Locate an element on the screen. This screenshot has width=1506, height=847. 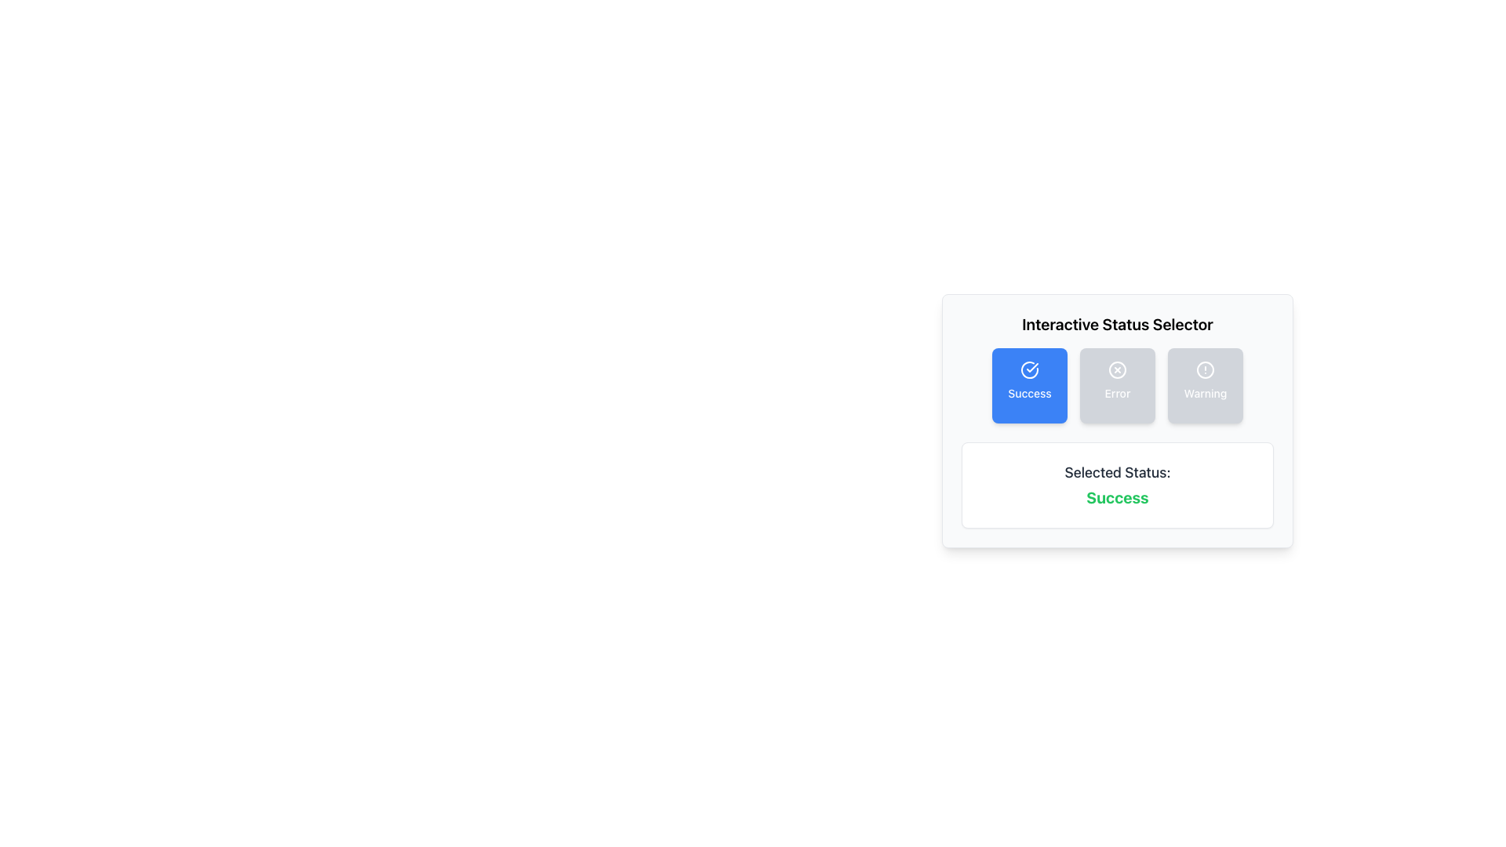
status displayed in the centrally positioned Text Content Display indicating 'Success' is located at coordinates (1117, 484).